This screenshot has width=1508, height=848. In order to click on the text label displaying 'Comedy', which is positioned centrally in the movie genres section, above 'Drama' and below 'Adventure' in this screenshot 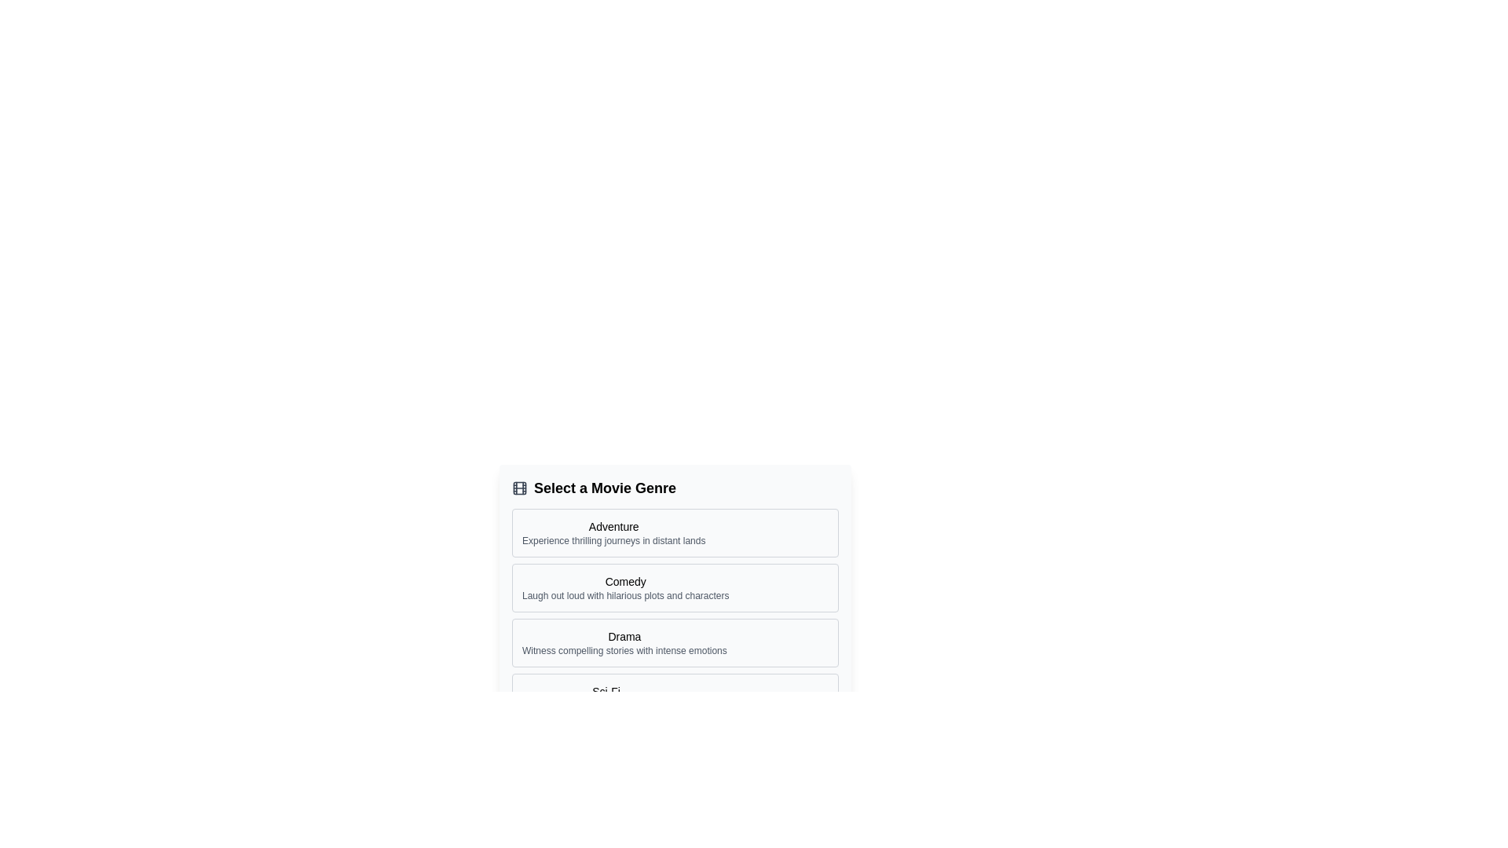, I will do `click(624, 581)`.